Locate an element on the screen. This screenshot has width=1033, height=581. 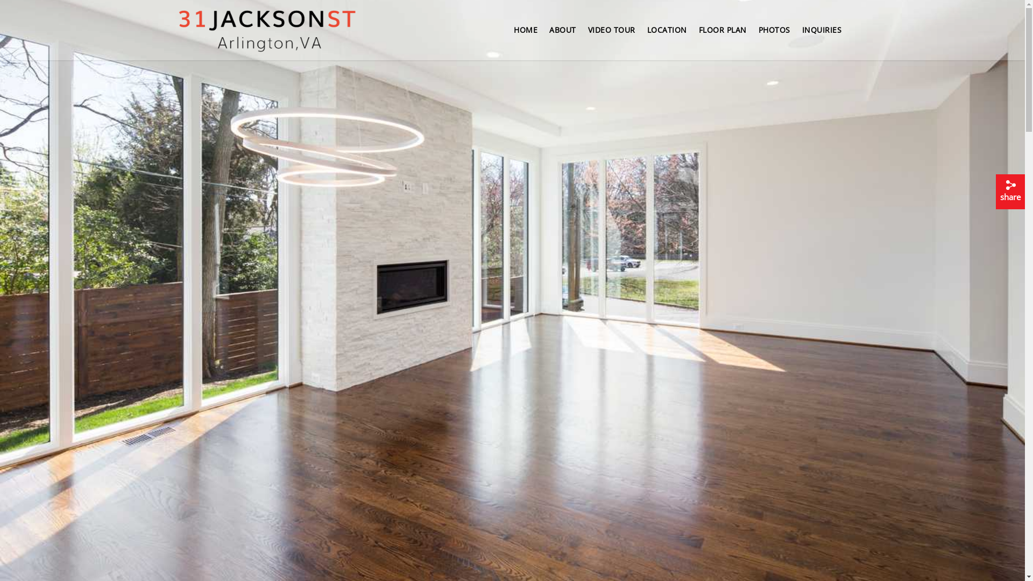
'PHOTOS' is located at coordinates (774, 33).